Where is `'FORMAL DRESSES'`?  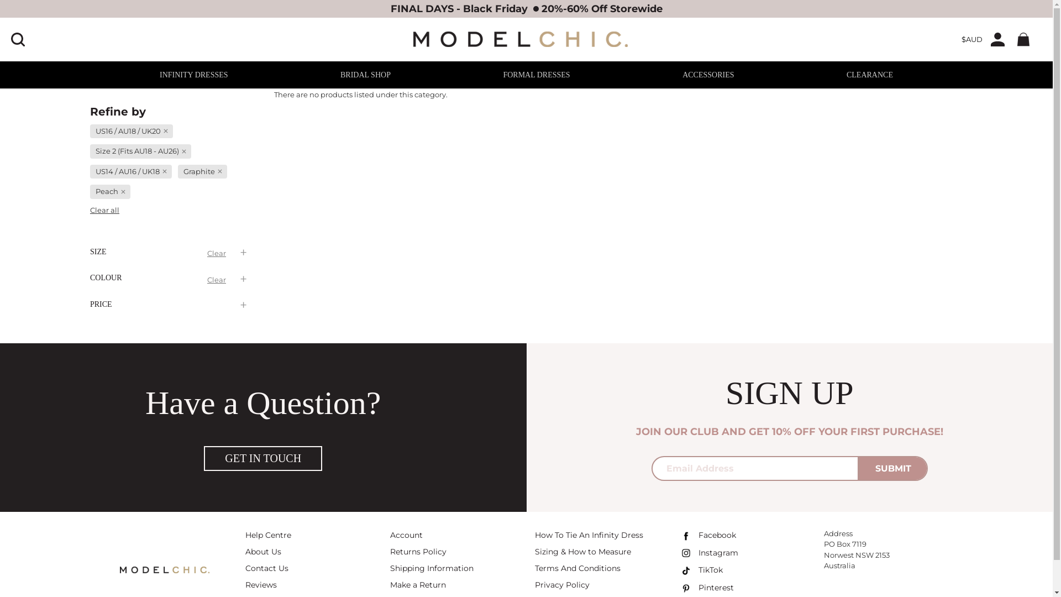 'FORMAL DRESSES' is located at coordinates (536, 75).